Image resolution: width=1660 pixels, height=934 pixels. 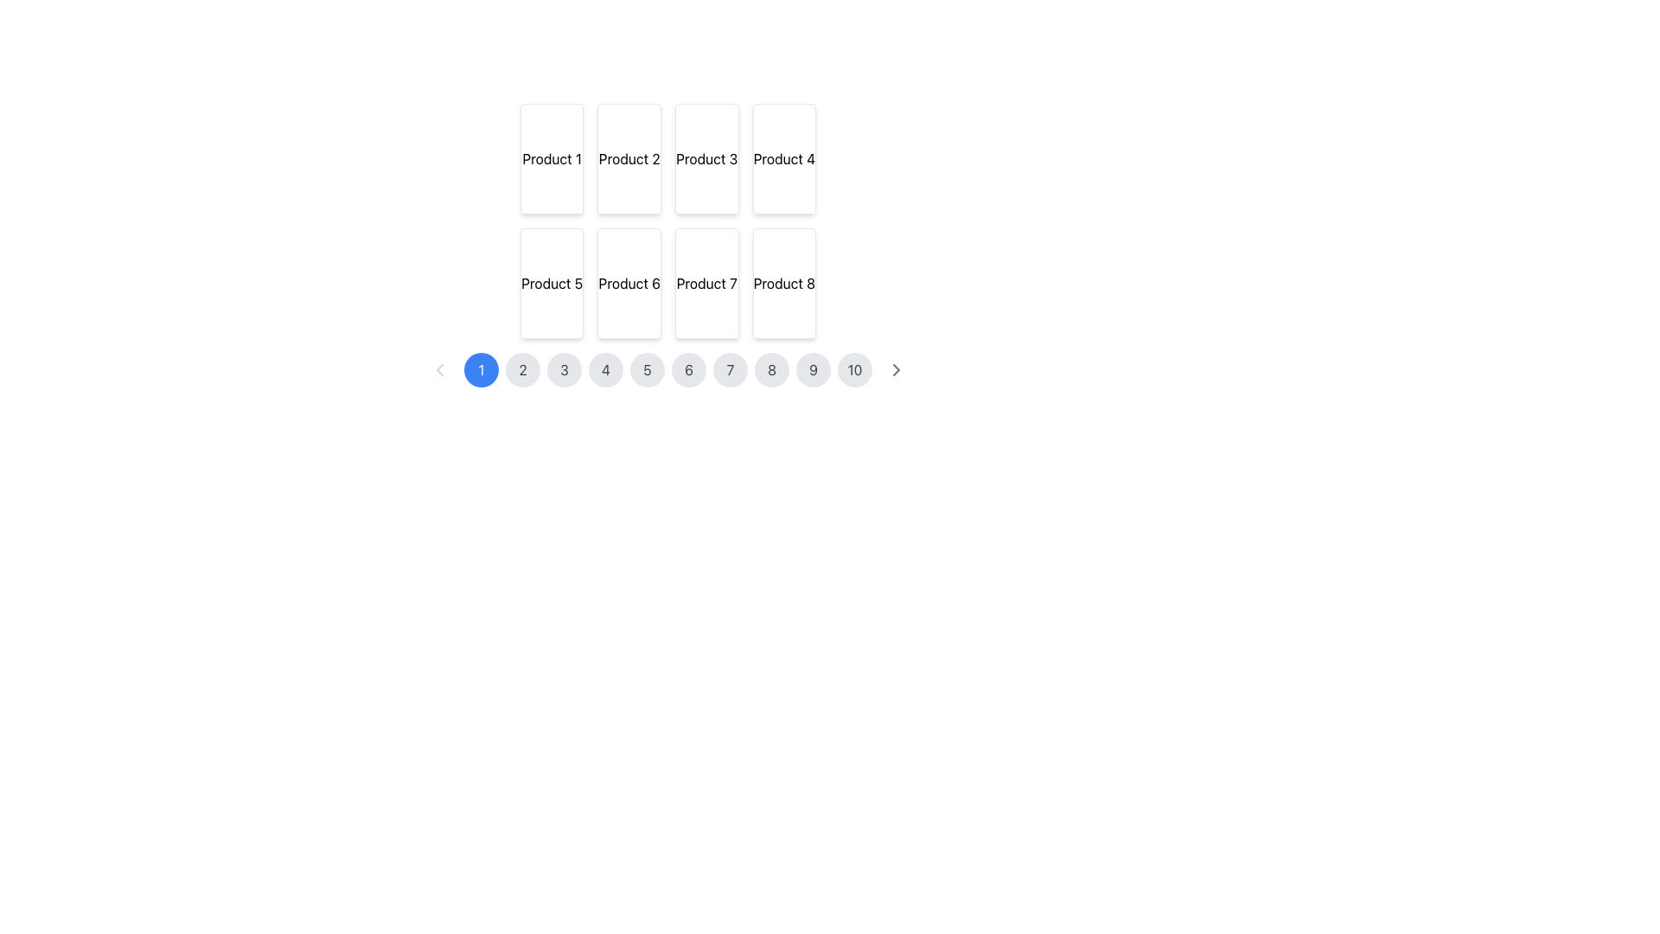 I want to click on the circular button labeled '10' with a light gray background and dark gray text, so click(x=854, y=369).